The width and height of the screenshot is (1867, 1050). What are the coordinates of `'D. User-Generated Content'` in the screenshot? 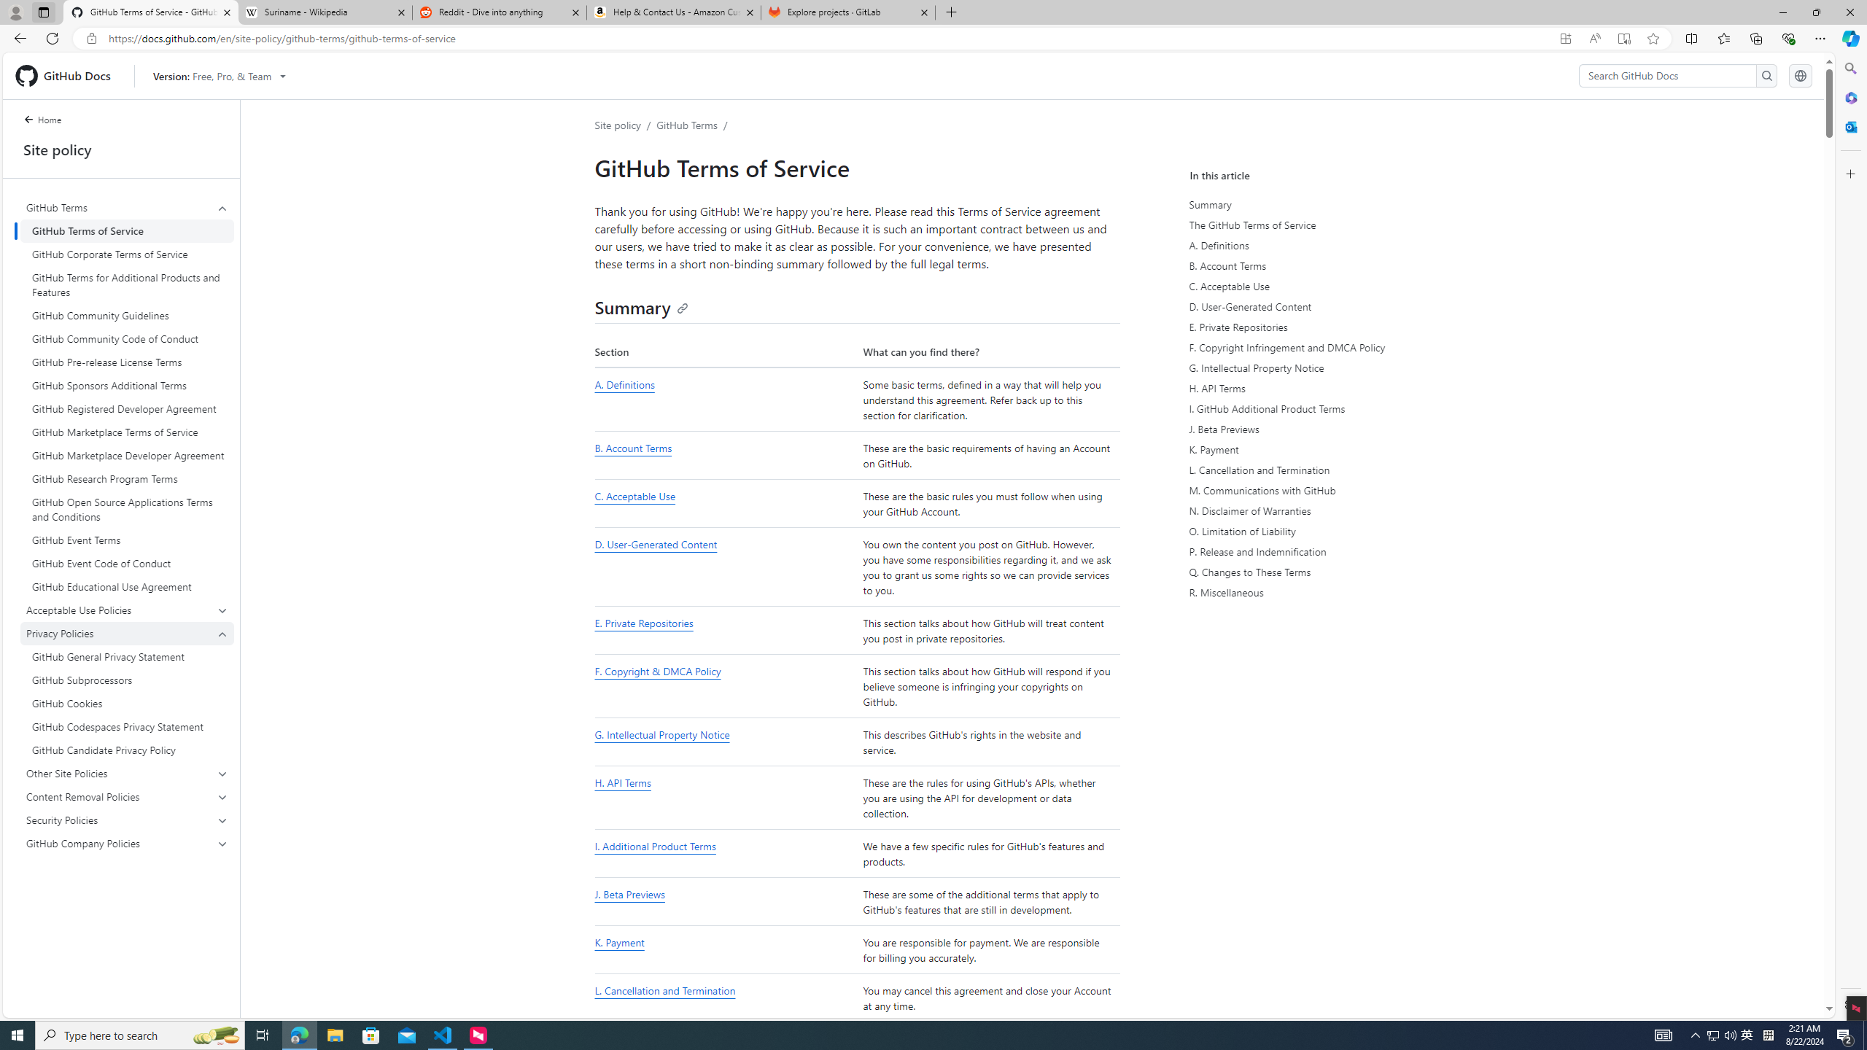 It's located at (654, 544).